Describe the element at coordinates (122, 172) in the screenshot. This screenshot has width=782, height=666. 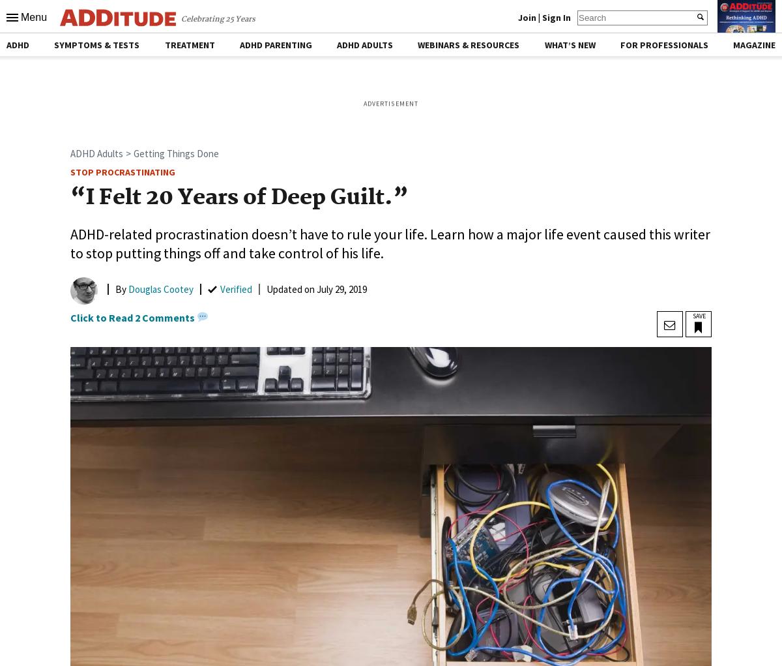
I see `'Stop Procrastinating'` at that location.